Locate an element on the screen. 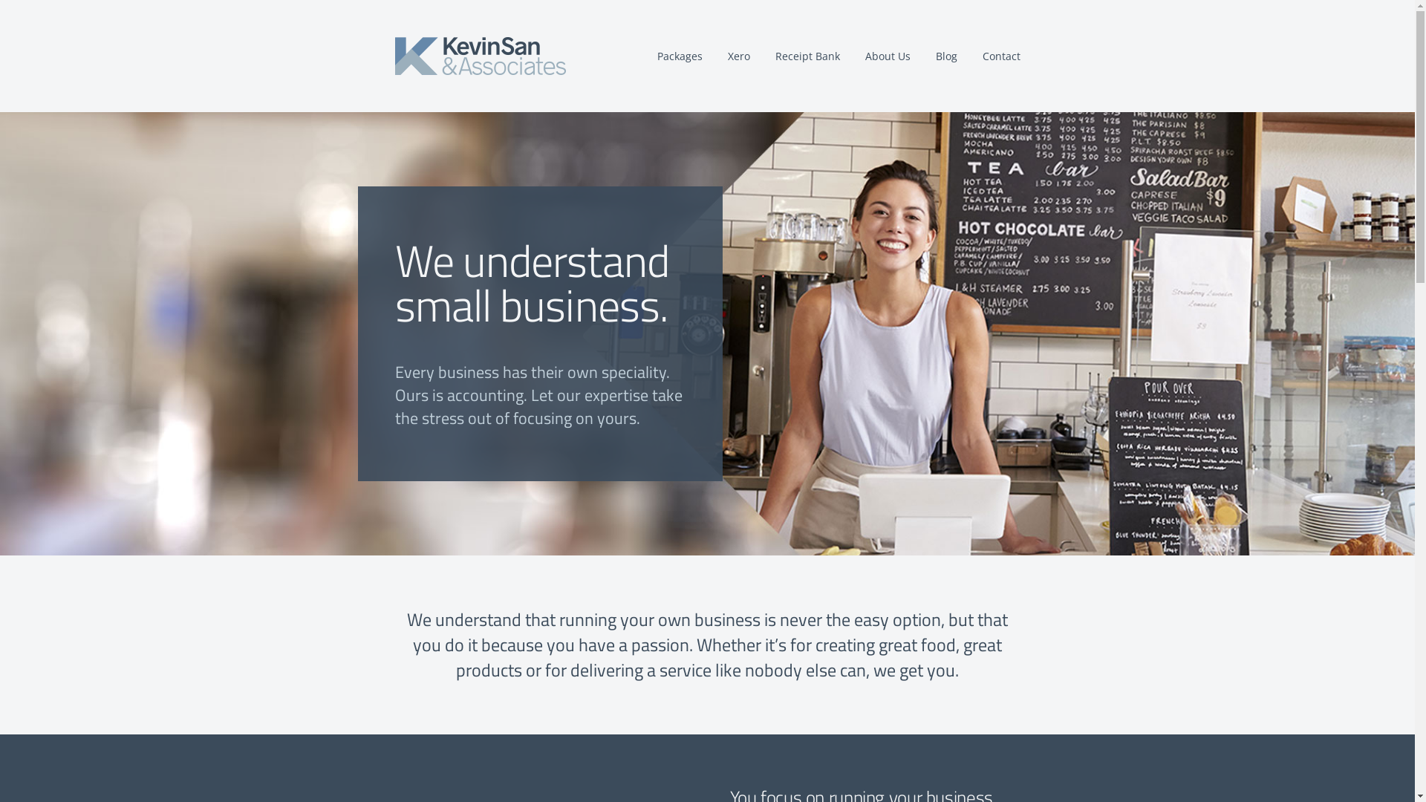  'Blog' is located at coordinates (945, 55).